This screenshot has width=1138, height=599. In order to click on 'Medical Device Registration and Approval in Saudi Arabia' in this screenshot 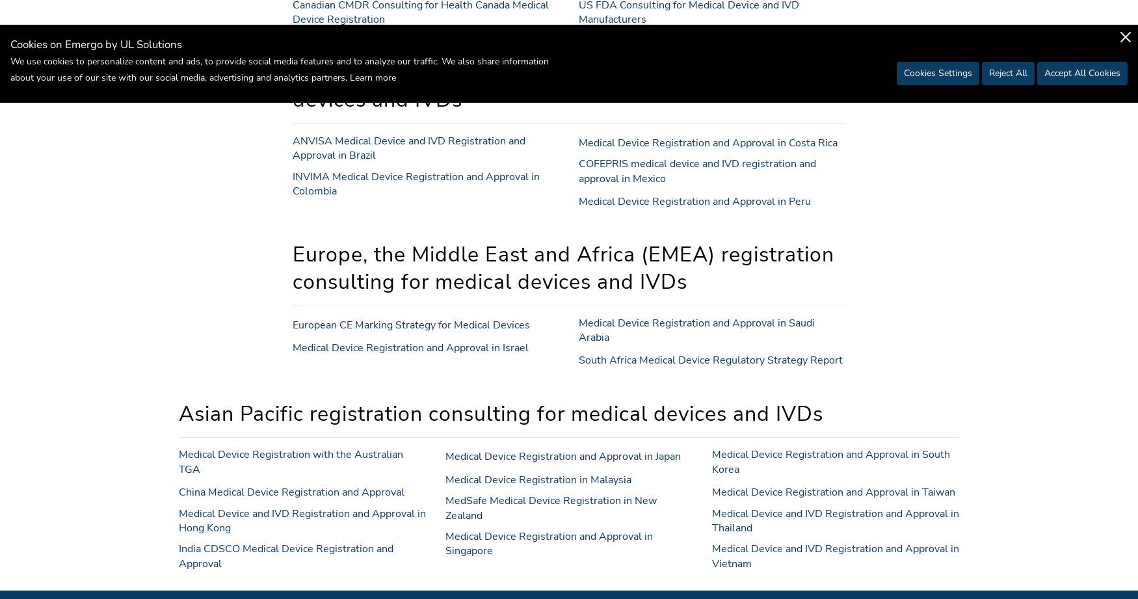, I will do `click(696, 329)`.